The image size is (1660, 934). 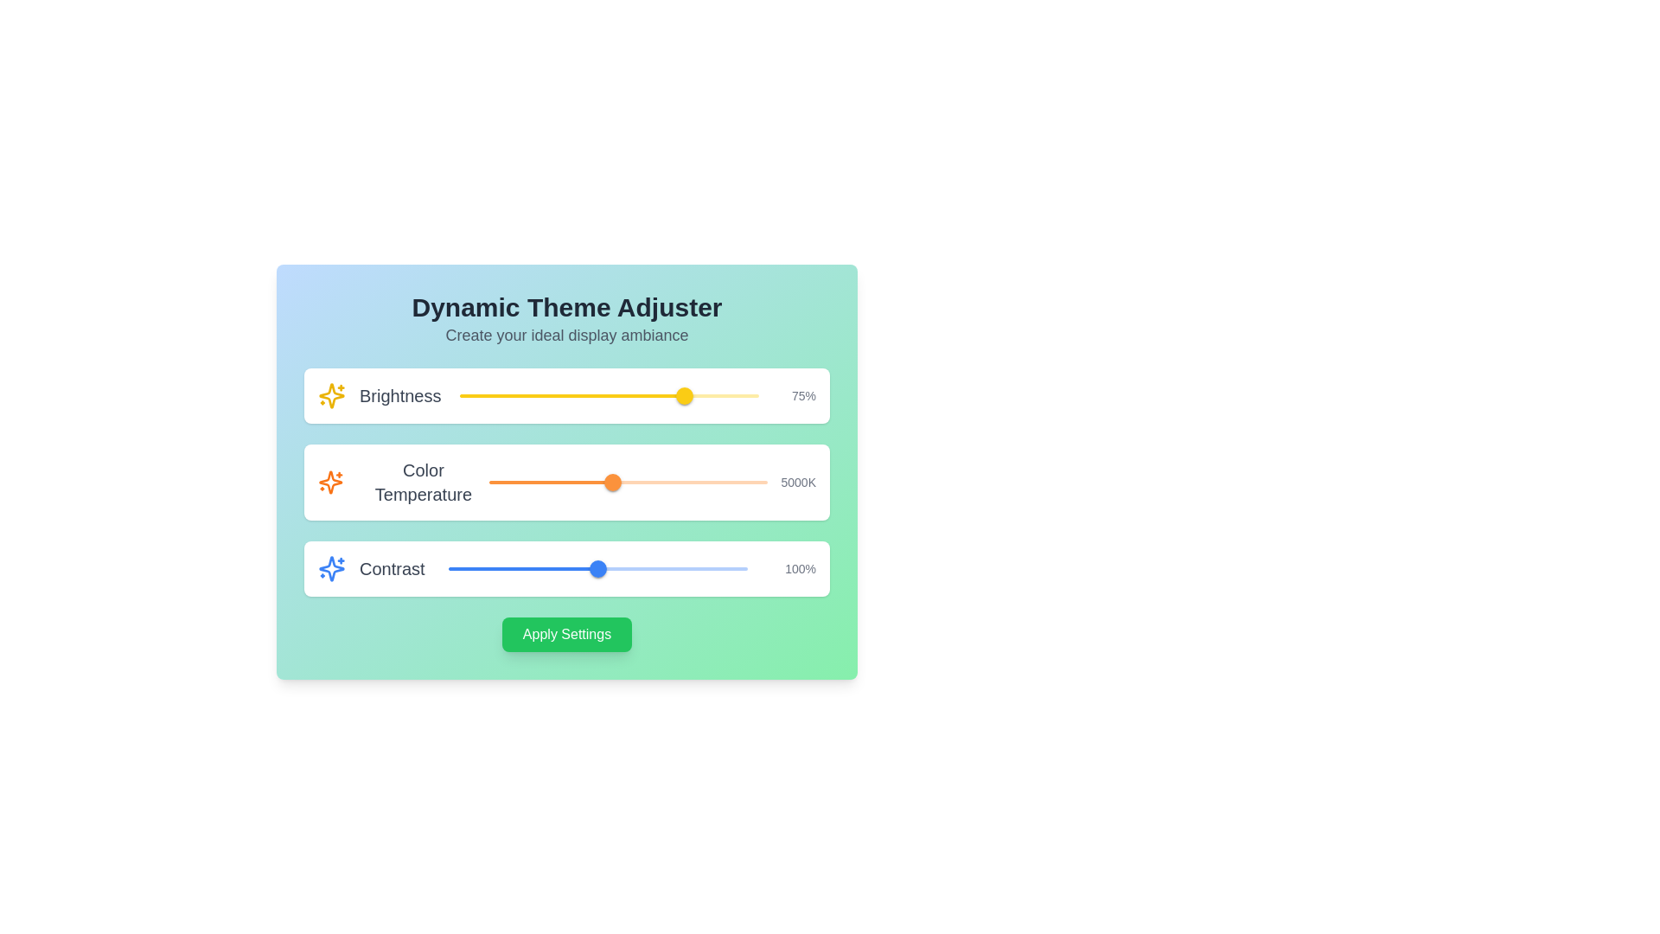 I want to click on the contrast level, so click(x=616, y=569).